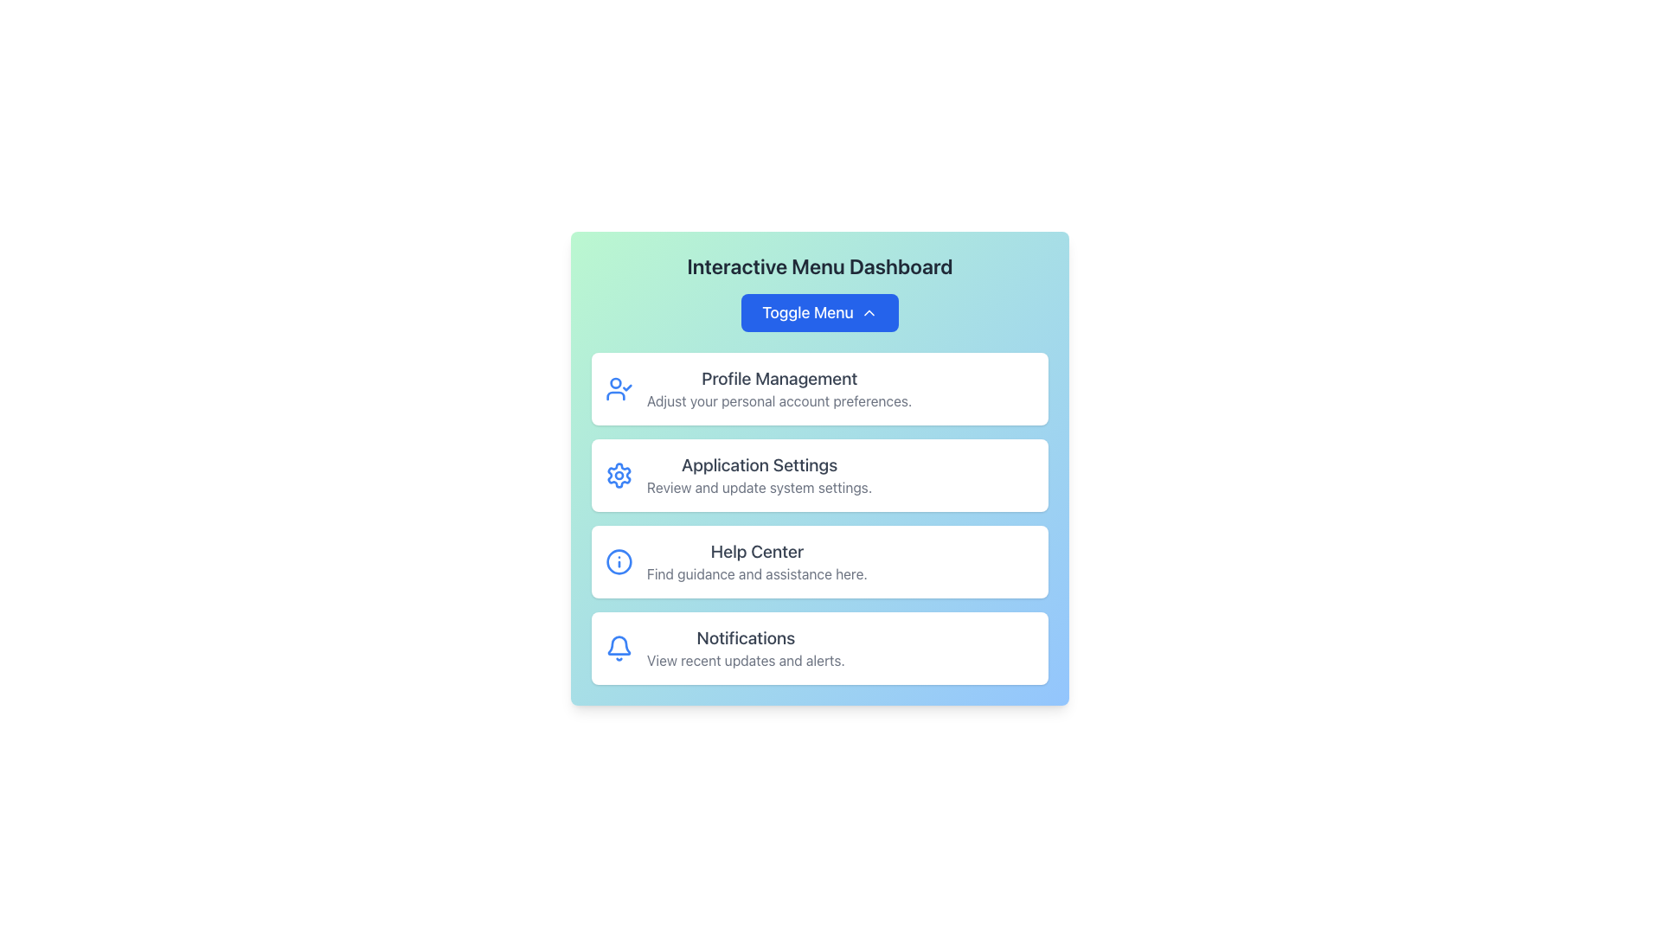  What do you see at coordinates (757, 562) in the screenshot?
I see `the 'Help Center' text block, which provides information and guidance to users, located between 'Application Settings' and 'Notifications'` at bounding box center [757, 562].